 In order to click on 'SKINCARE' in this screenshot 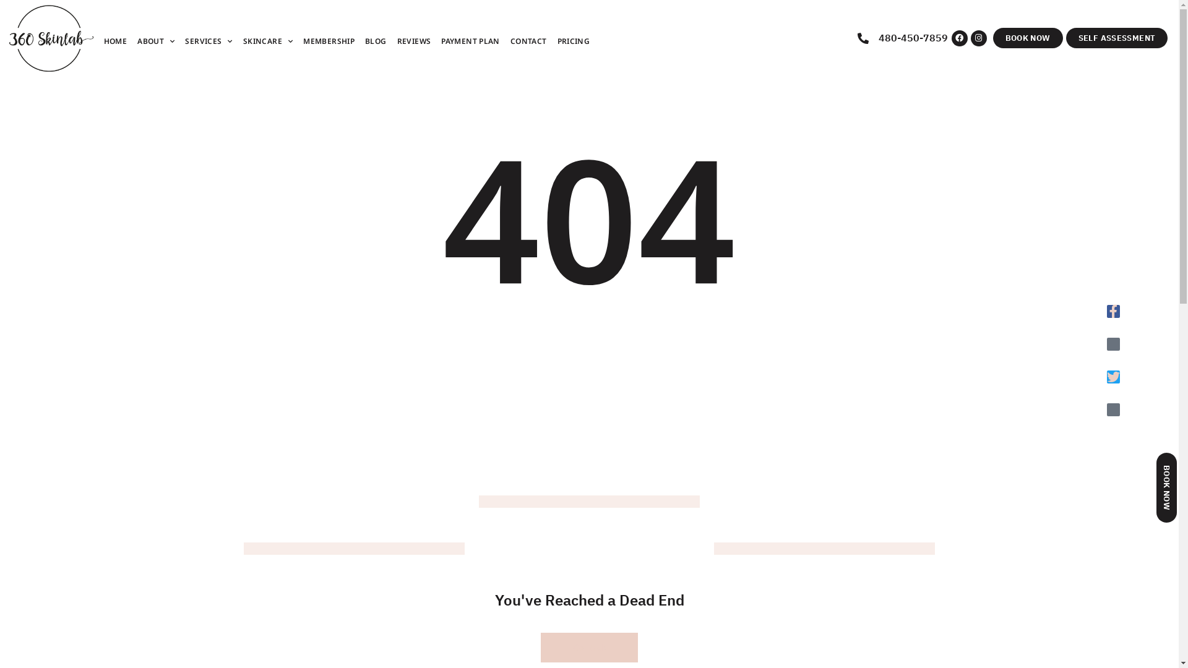, I will do `click(267, 40)`.